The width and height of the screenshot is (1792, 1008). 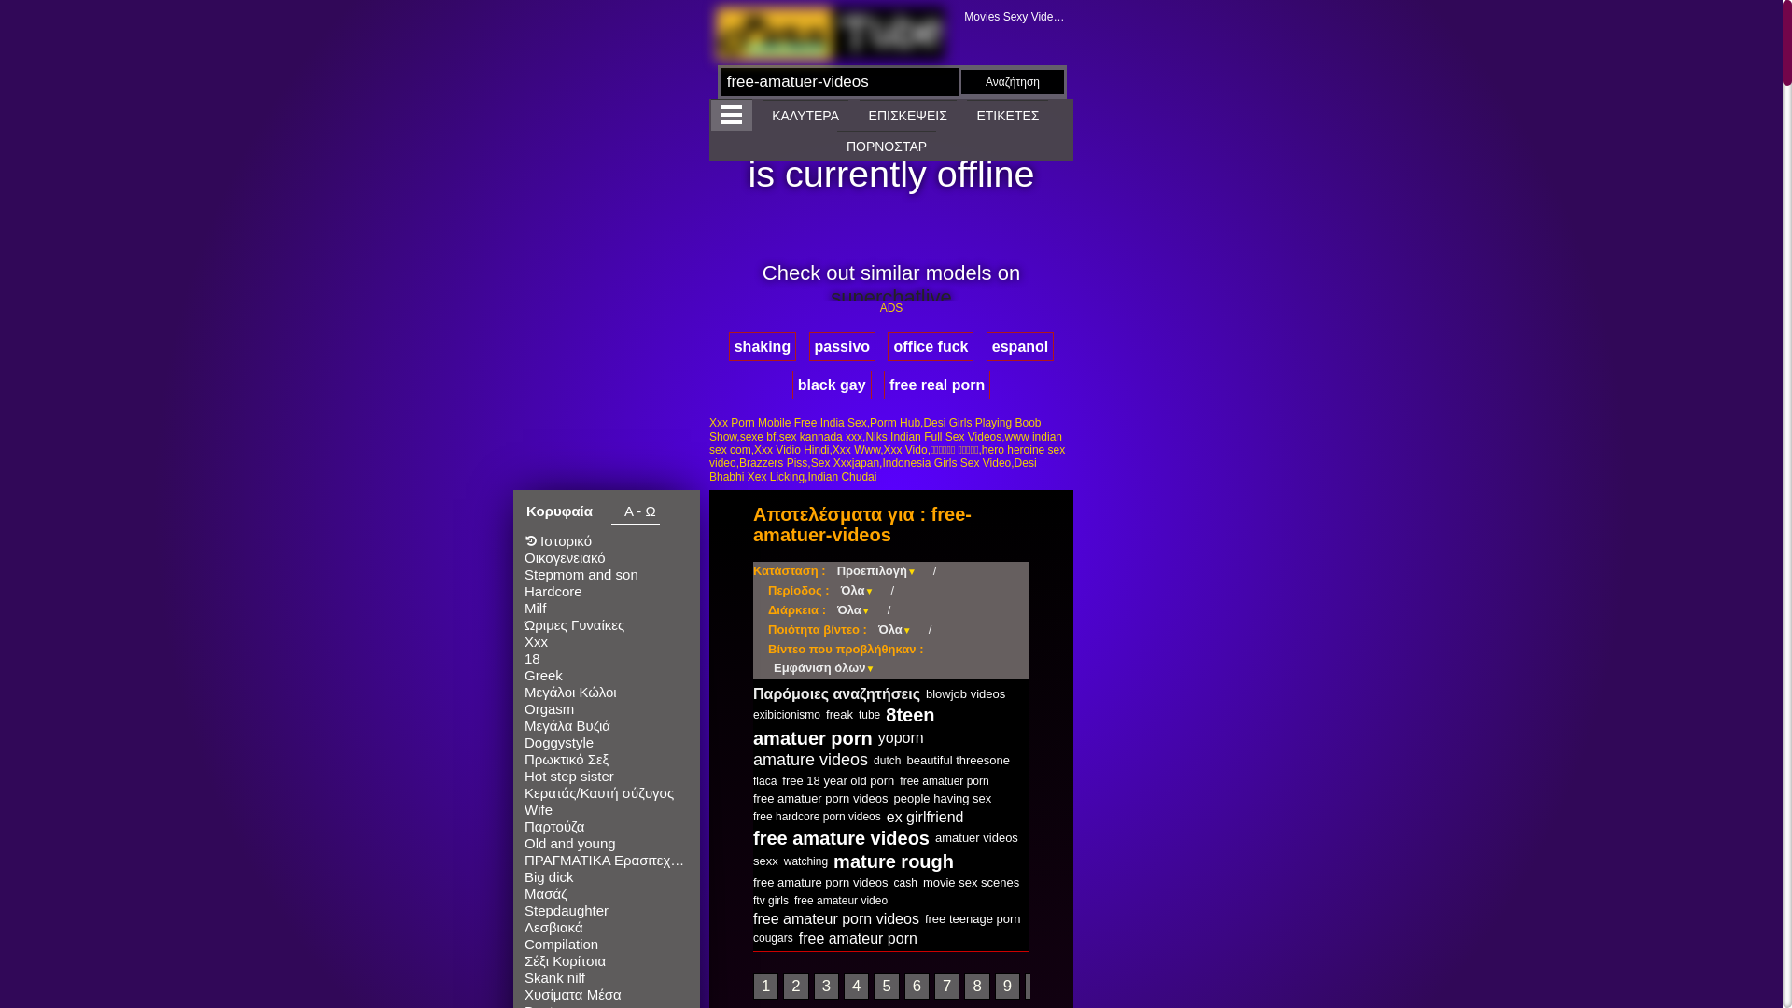 What do you see at coordinates (922, 882) in the screenshot?
I see `'movie sex scenes'` at bounding box center [922, 882].